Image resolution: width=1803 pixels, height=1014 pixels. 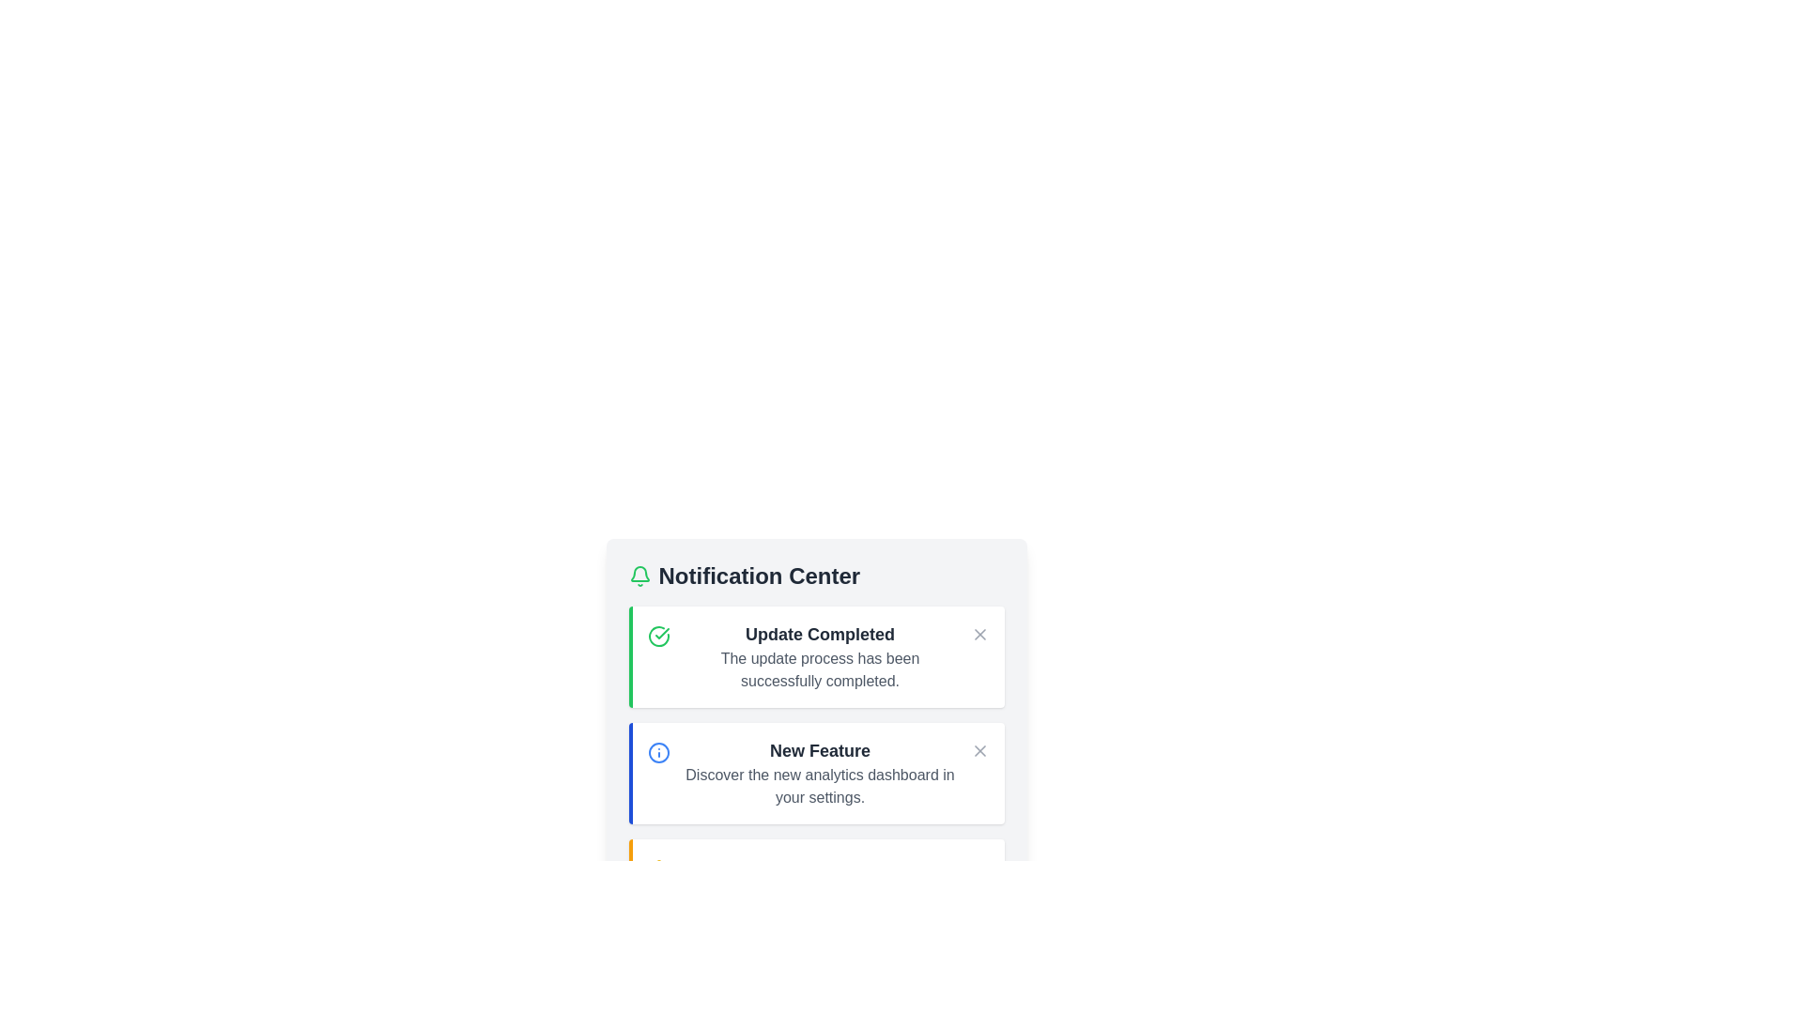 What do you see at coordinates (820, 786) in the screenshot?
I see `the static text reading 'Discover the new analytics dashboard in your settings.' which is located in the second position of the notification card labeled 'New Feature'` at bounding box center [820, 786].